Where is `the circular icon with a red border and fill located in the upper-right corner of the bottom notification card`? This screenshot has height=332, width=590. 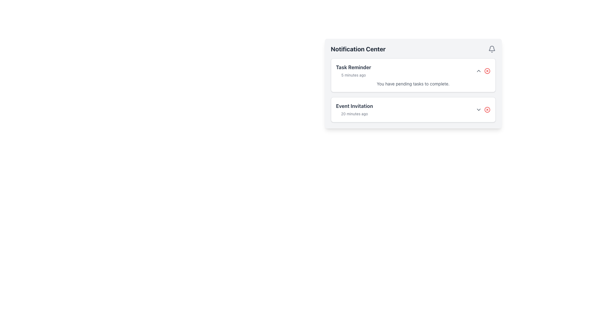 the circular icon with a red border and fill located in the upper-right corner of the bottom notification card is located at coordinates (487, 109).